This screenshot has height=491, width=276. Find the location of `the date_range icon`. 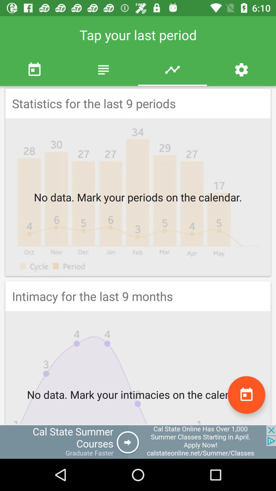

the date_range icon is located at coordinates (246, 395).